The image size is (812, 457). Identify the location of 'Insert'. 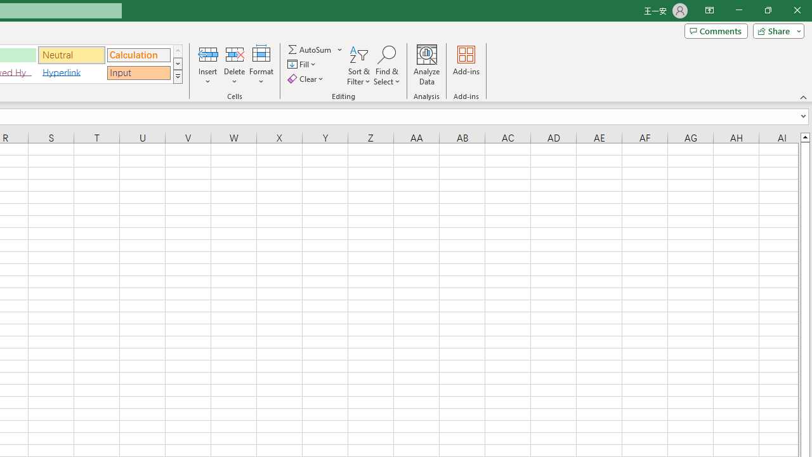
(208, 65).